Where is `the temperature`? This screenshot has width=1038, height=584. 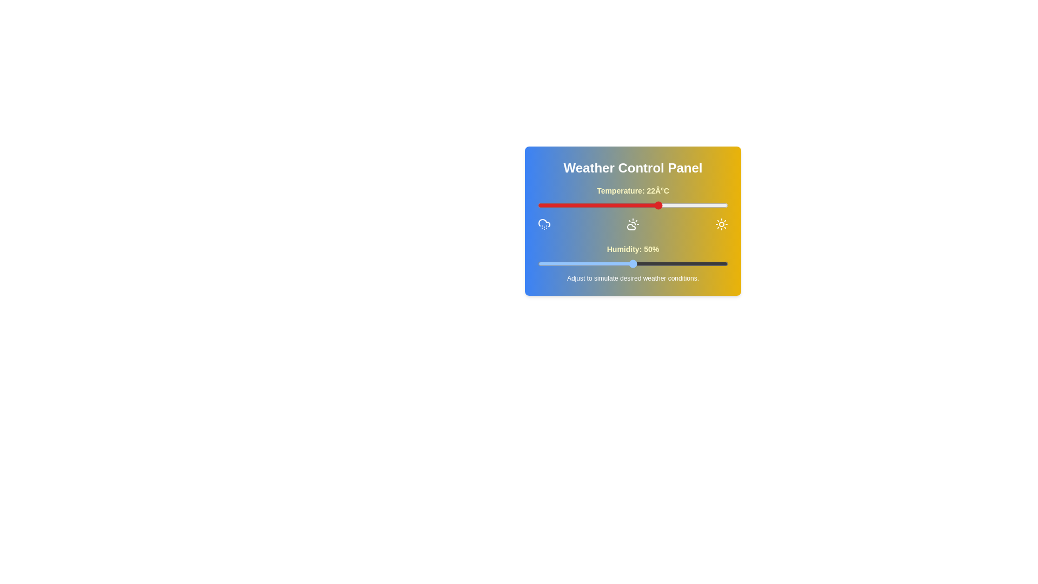 the temperature is located at coordinates (579, 205).